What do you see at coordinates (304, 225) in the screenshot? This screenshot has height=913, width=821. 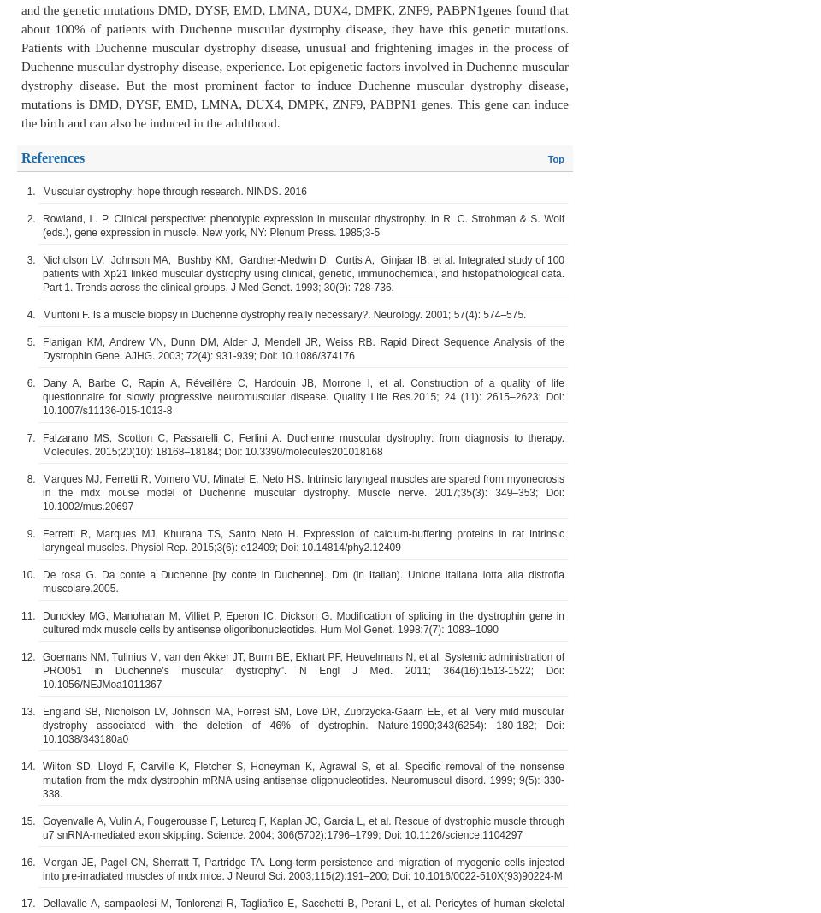 I see `'Rowland, L. P. Clinical perspective:  phenotypic expression in muscular dhystrophy. In R. C. Strohman & S. Wolf  (eds.), gene expression in muscle. New york, NY: Plenum Press. 1985;3-5'` at bounding box center [304, 225].